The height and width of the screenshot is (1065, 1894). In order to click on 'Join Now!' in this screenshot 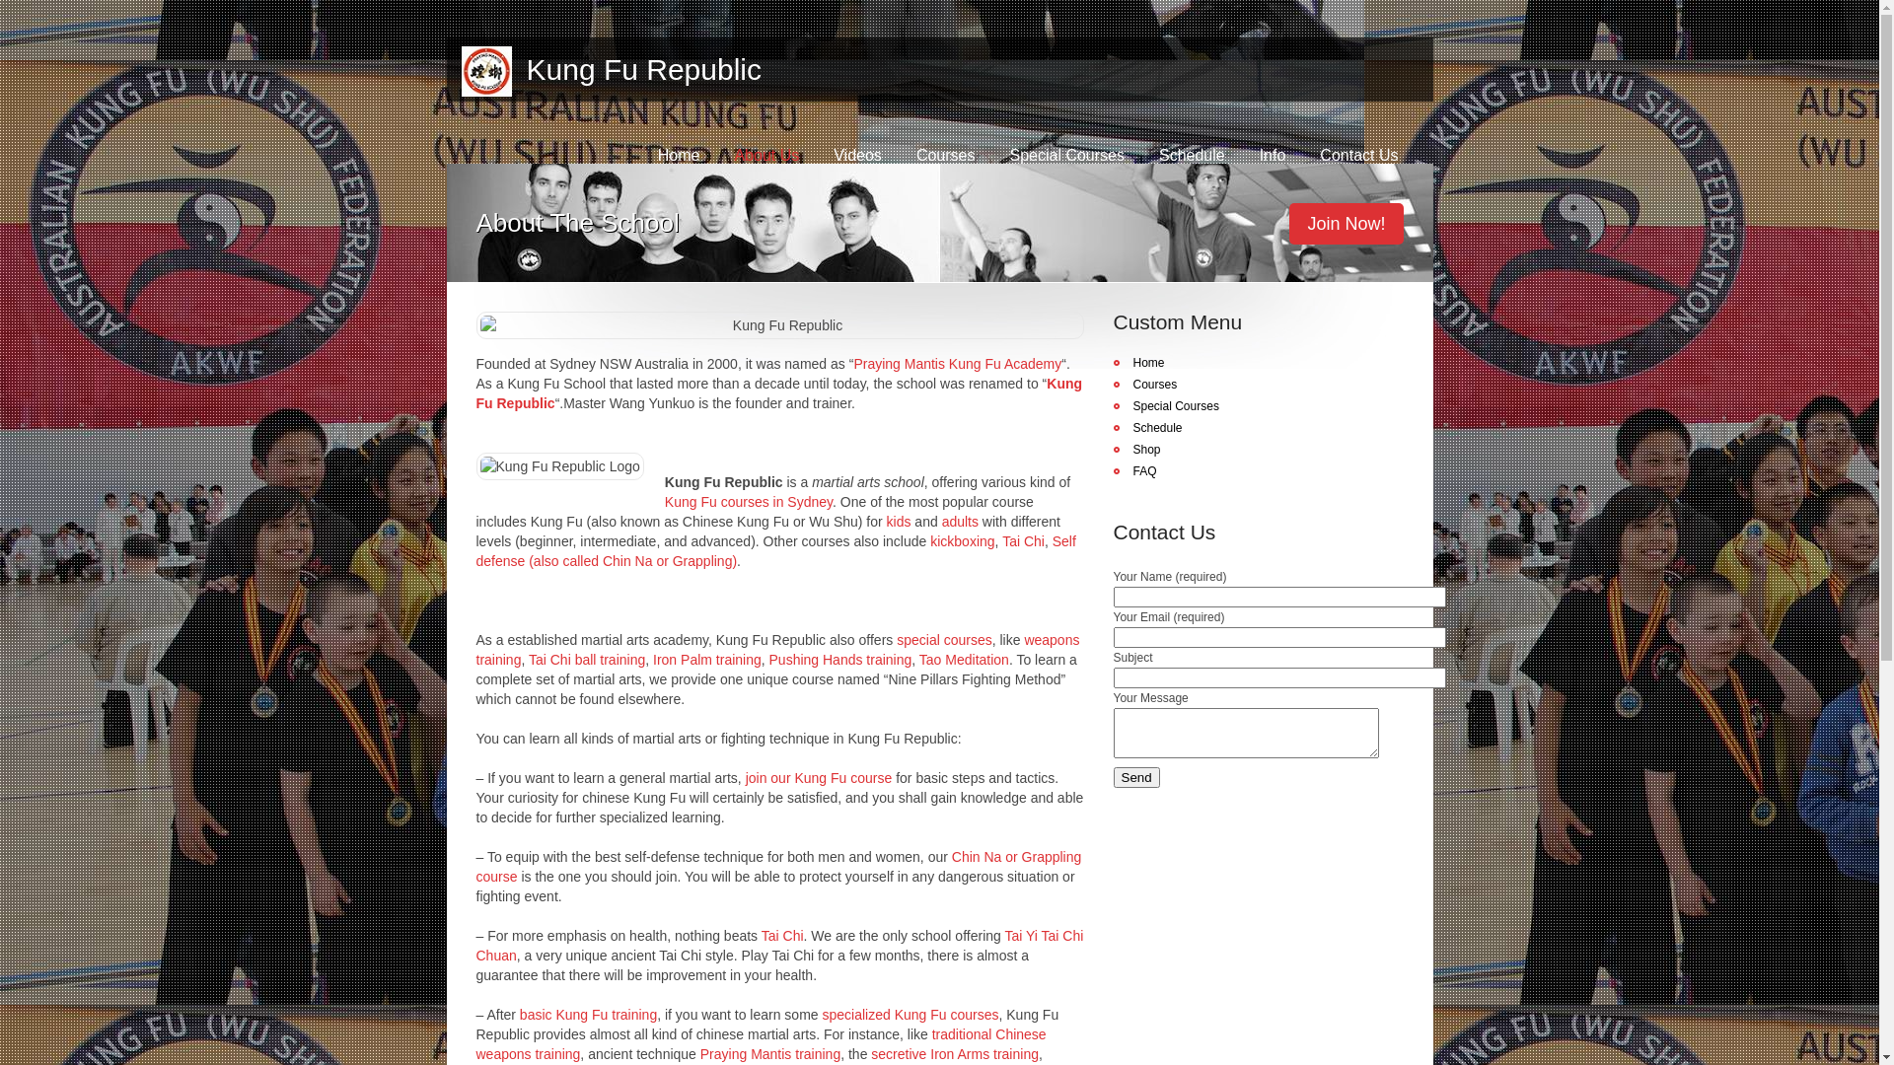, I will do `click(1288, 223)`.